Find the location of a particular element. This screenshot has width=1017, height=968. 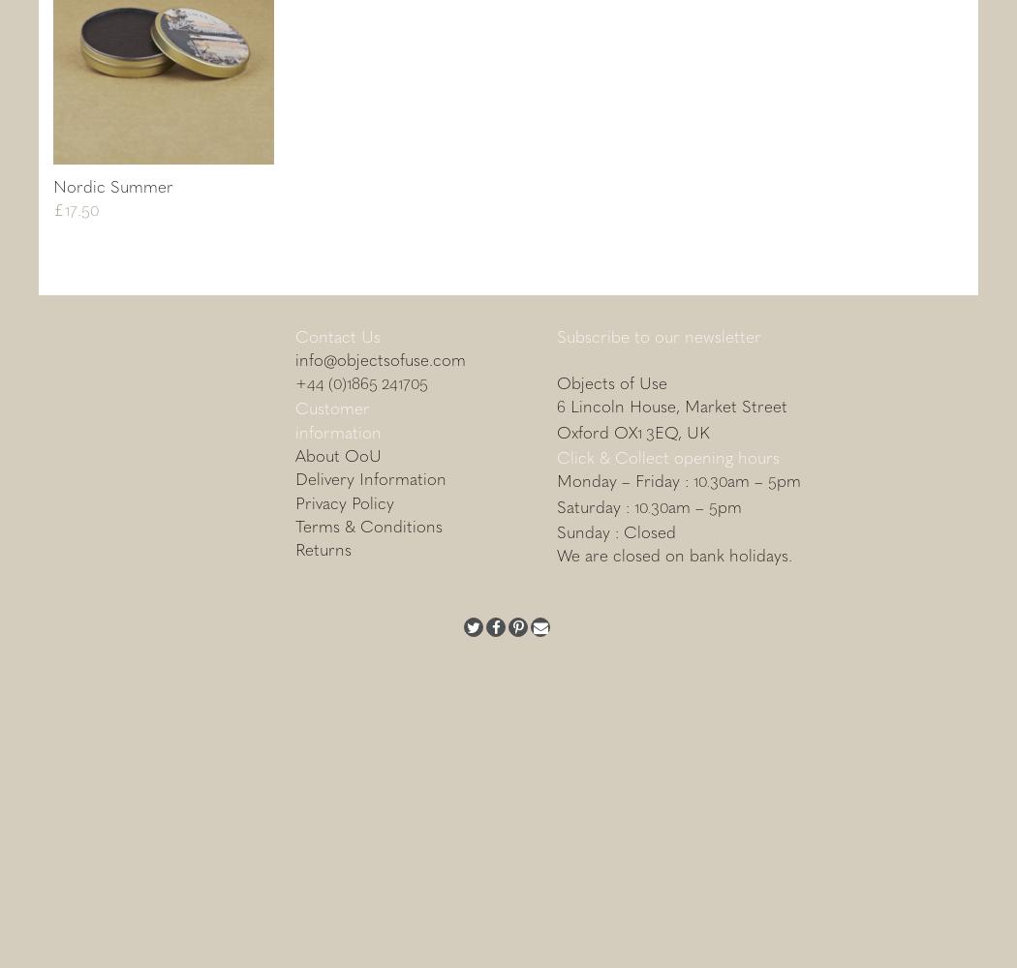

'Subscribe to our newsletter' is located at coordinates (659, 333).